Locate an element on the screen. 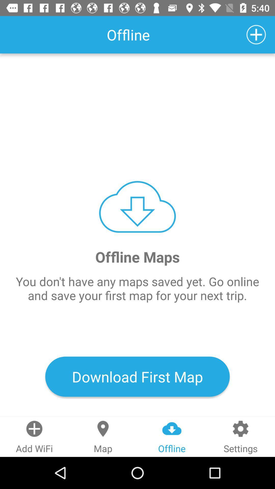  map is located at coordinates (256, 34).